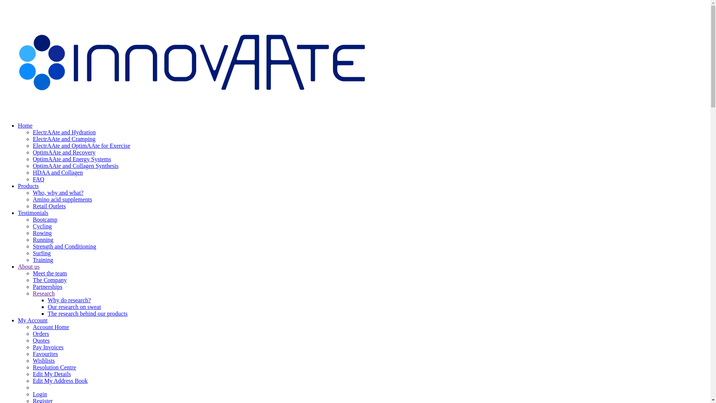 The width and height of the screenshot is (716, 403). I want to click on 'Favourites', so click(45, 353).